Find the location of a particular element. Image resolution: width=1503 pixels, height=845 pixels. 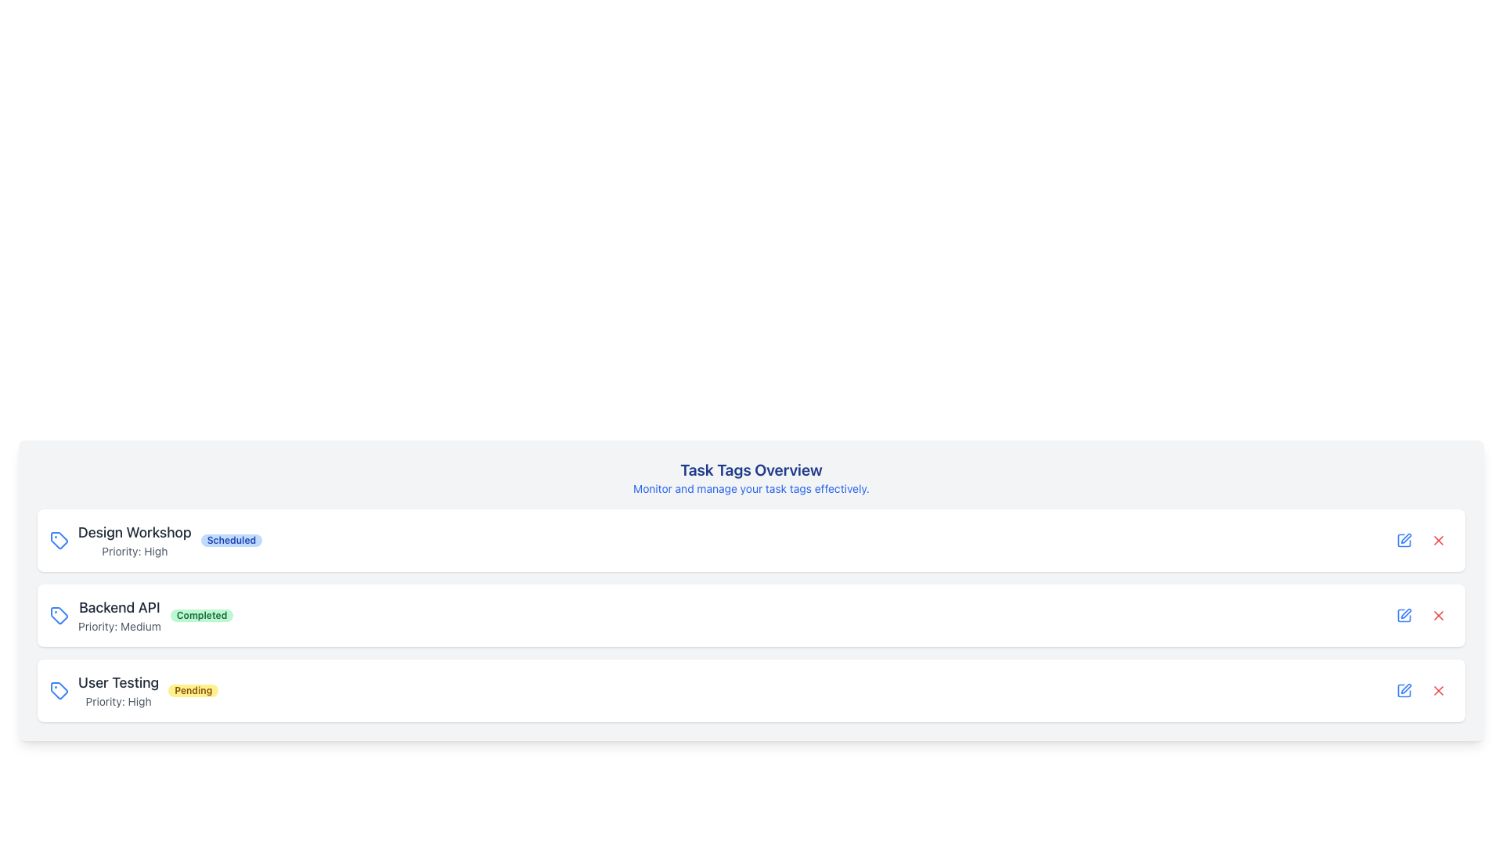

the Text Label displaying 'Monitor and manage your task tags effectively.' which is styled with a small font size and light blue color, located below the title 'Task Tags Overview.' is located at coordinates (751, 487).